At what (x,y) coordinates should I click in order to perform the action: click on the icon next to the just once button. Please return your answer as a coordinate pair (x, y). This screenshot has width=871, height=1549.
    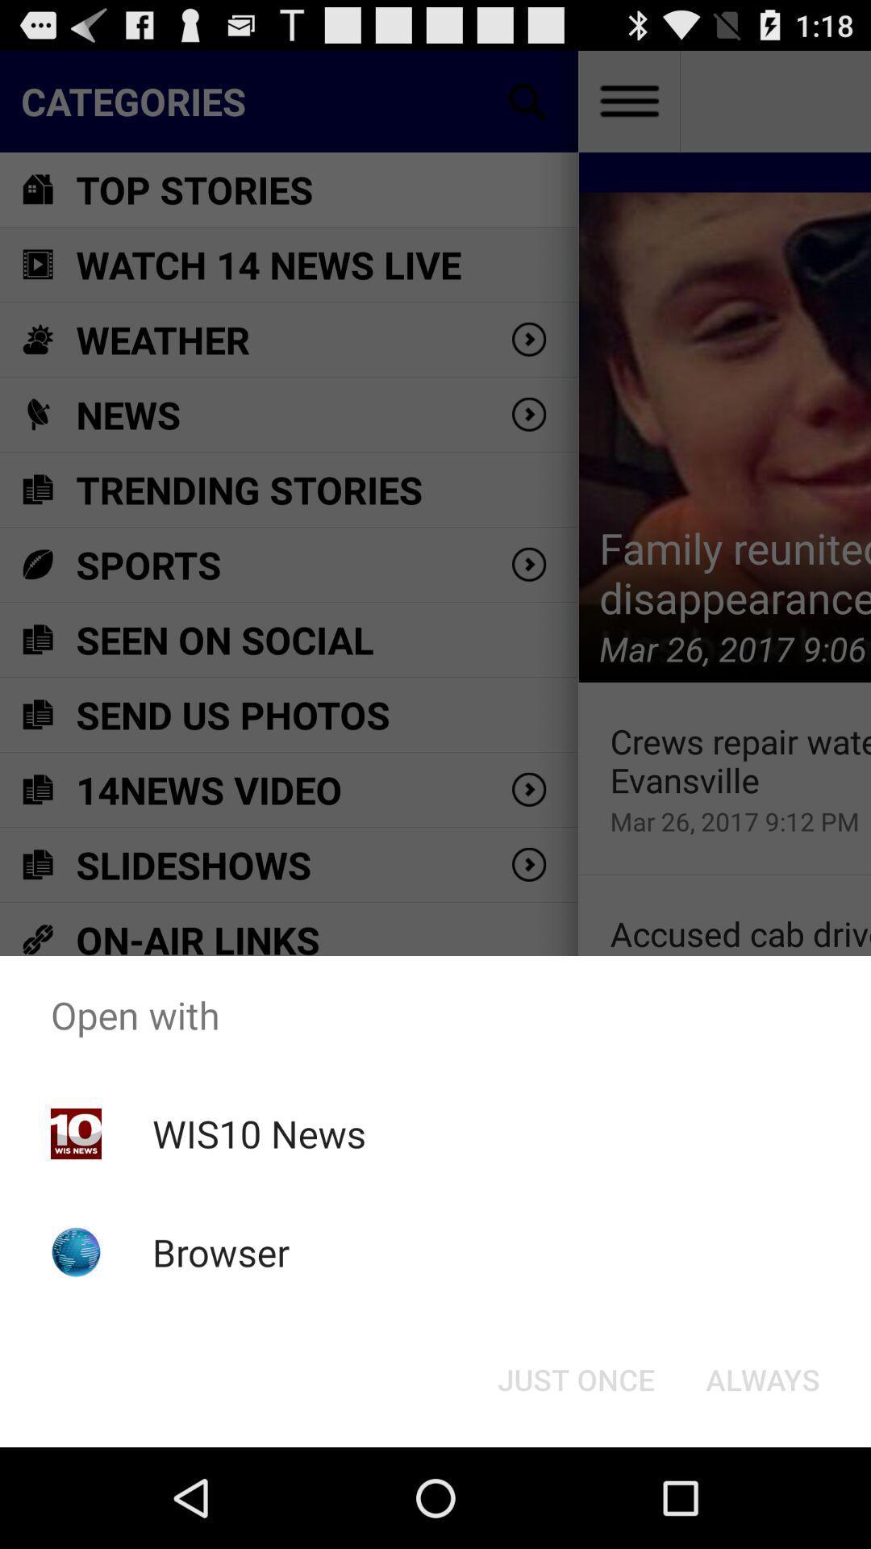
    Looking at the image, I should click on (762, 1378).